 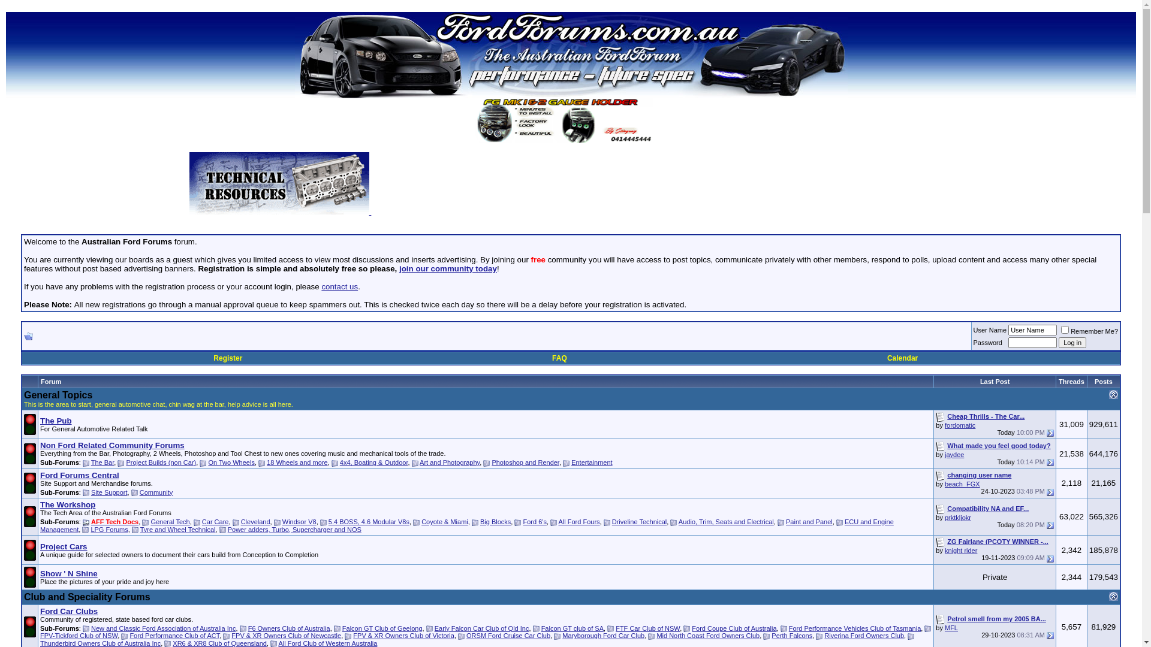 I want to click on 'Project Cars', so click(x=63, y=546).